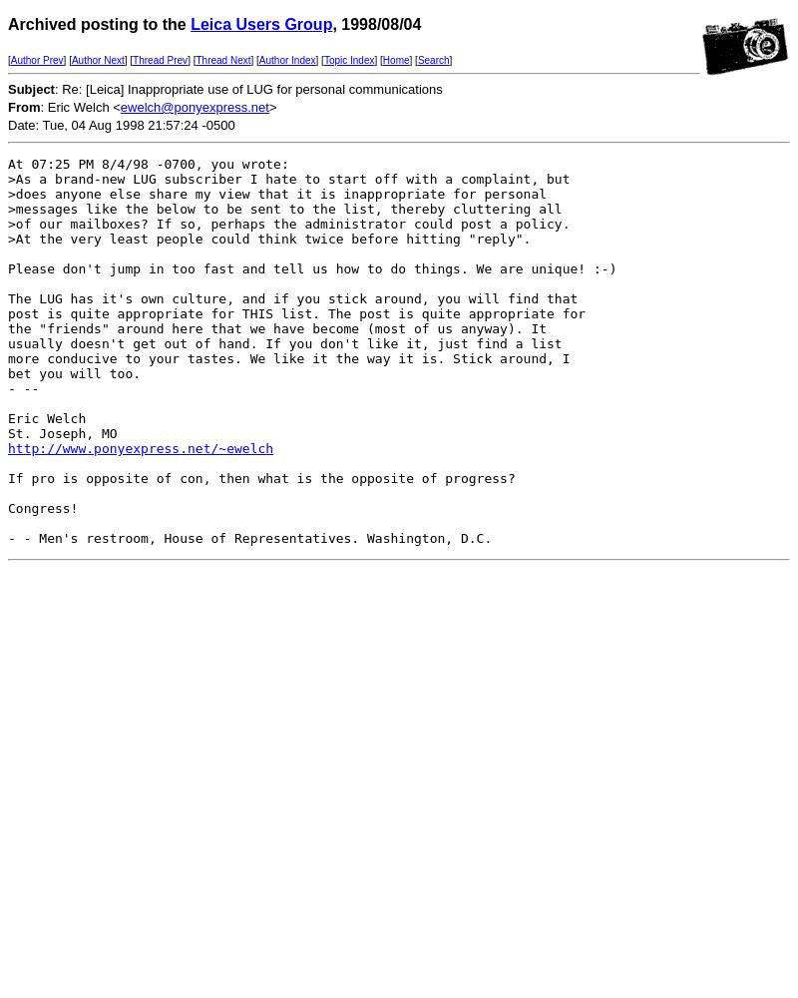  Describe the element at coordinates (8, 60) in the screenshot. I see `'['` at that location.